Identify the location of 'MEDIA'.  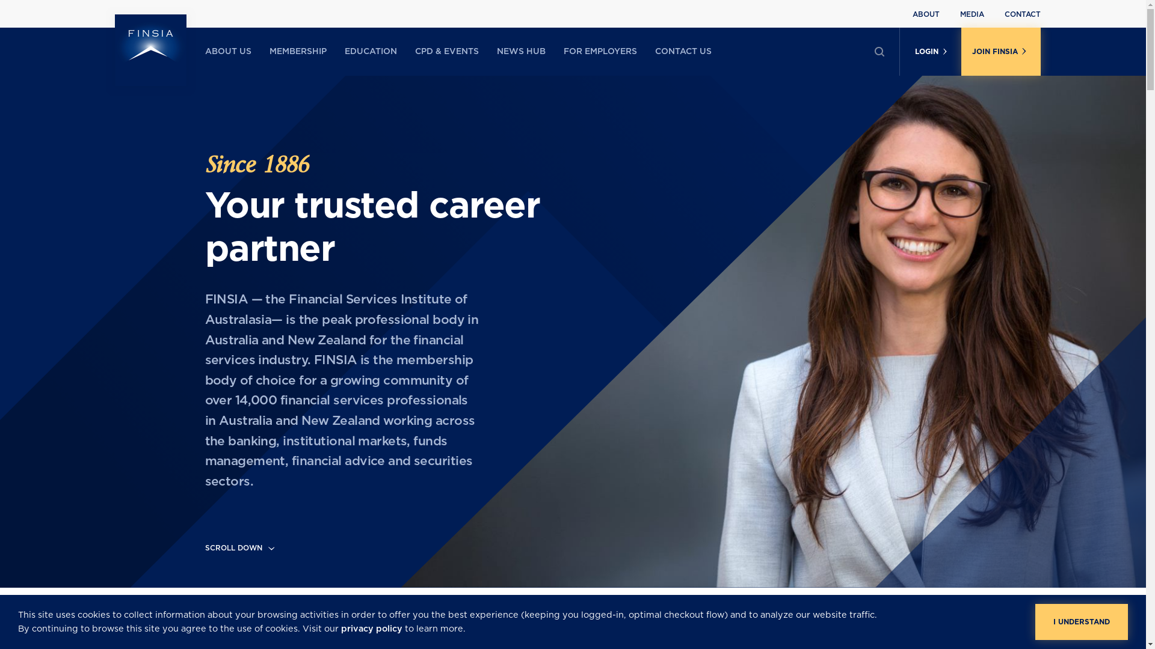
(972, 14).